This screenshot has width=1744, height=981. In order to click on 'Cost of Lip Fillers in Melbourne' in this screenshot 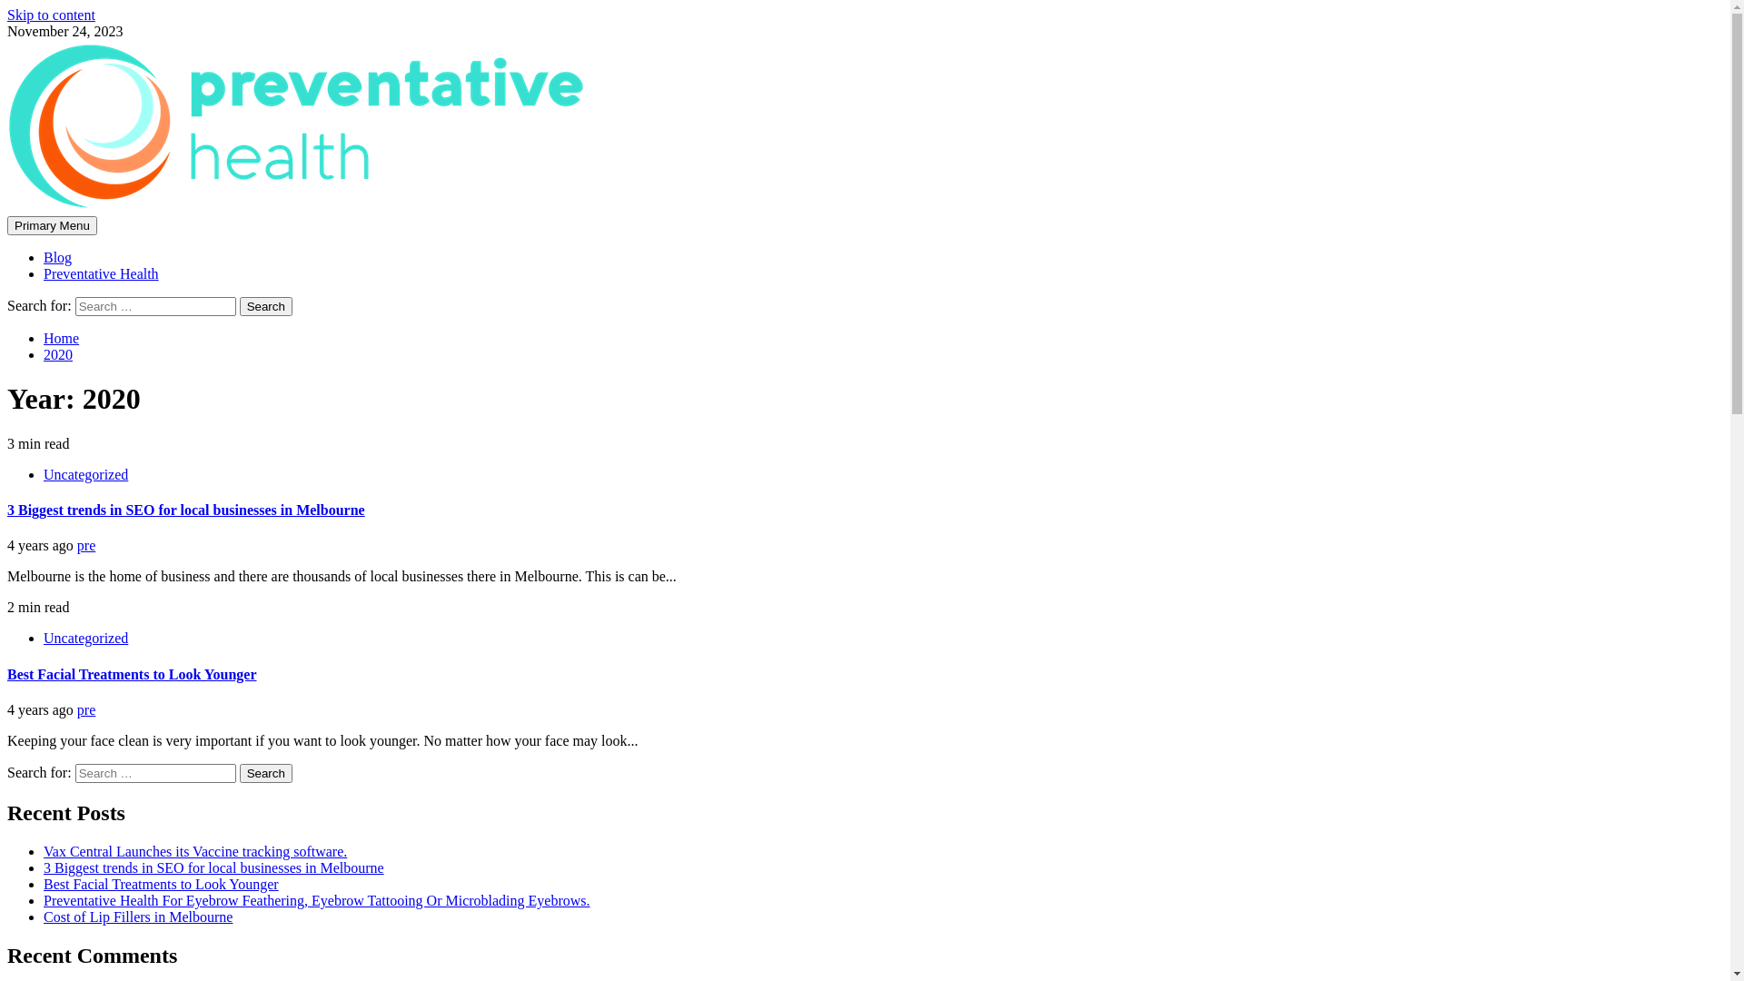, I will do `click(44, 917)`.